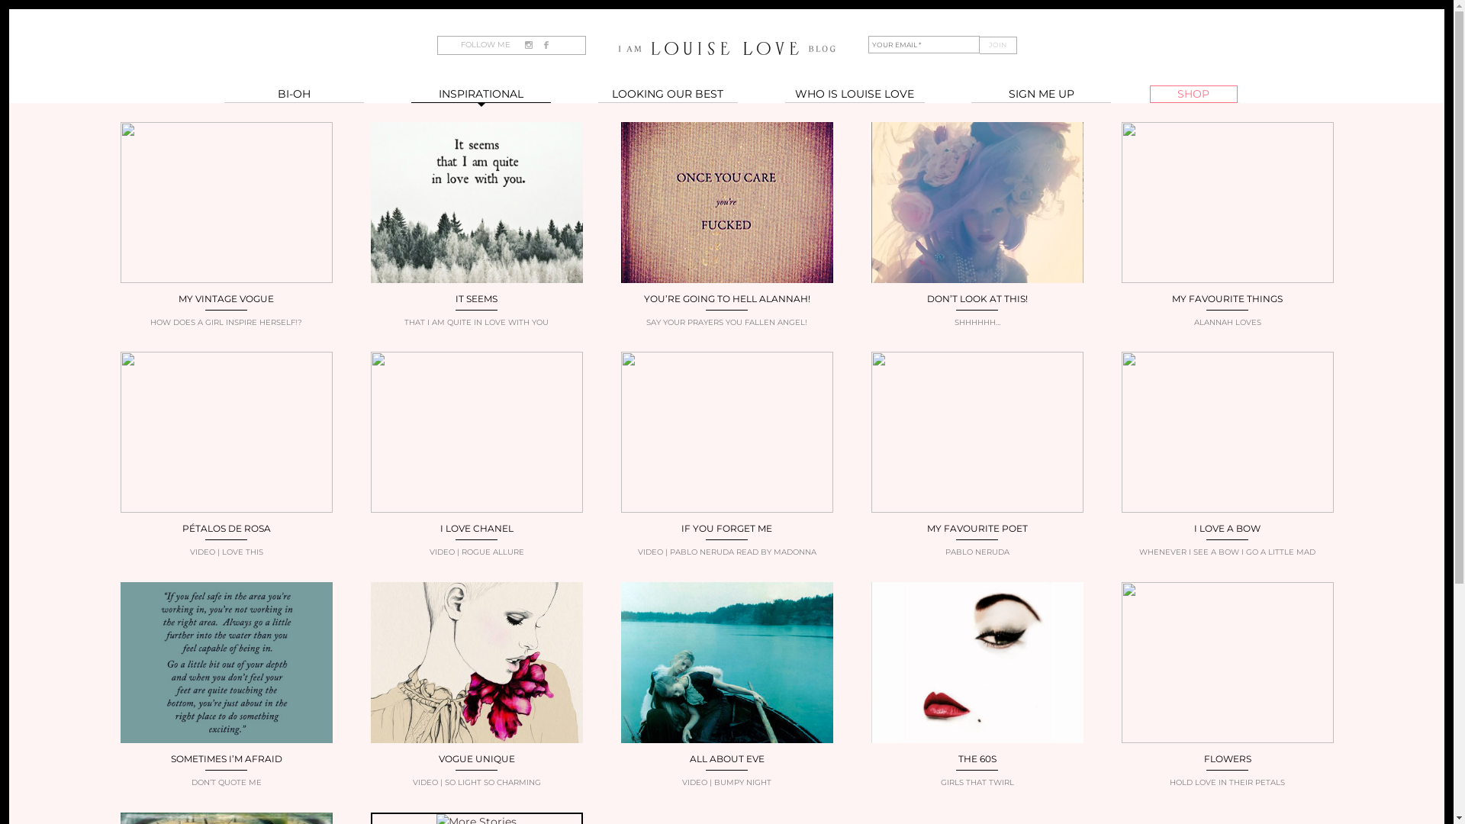 This screenshot has height=824, width=1465. I want to click on 'SIGN ME UP', so click(1040, 94).